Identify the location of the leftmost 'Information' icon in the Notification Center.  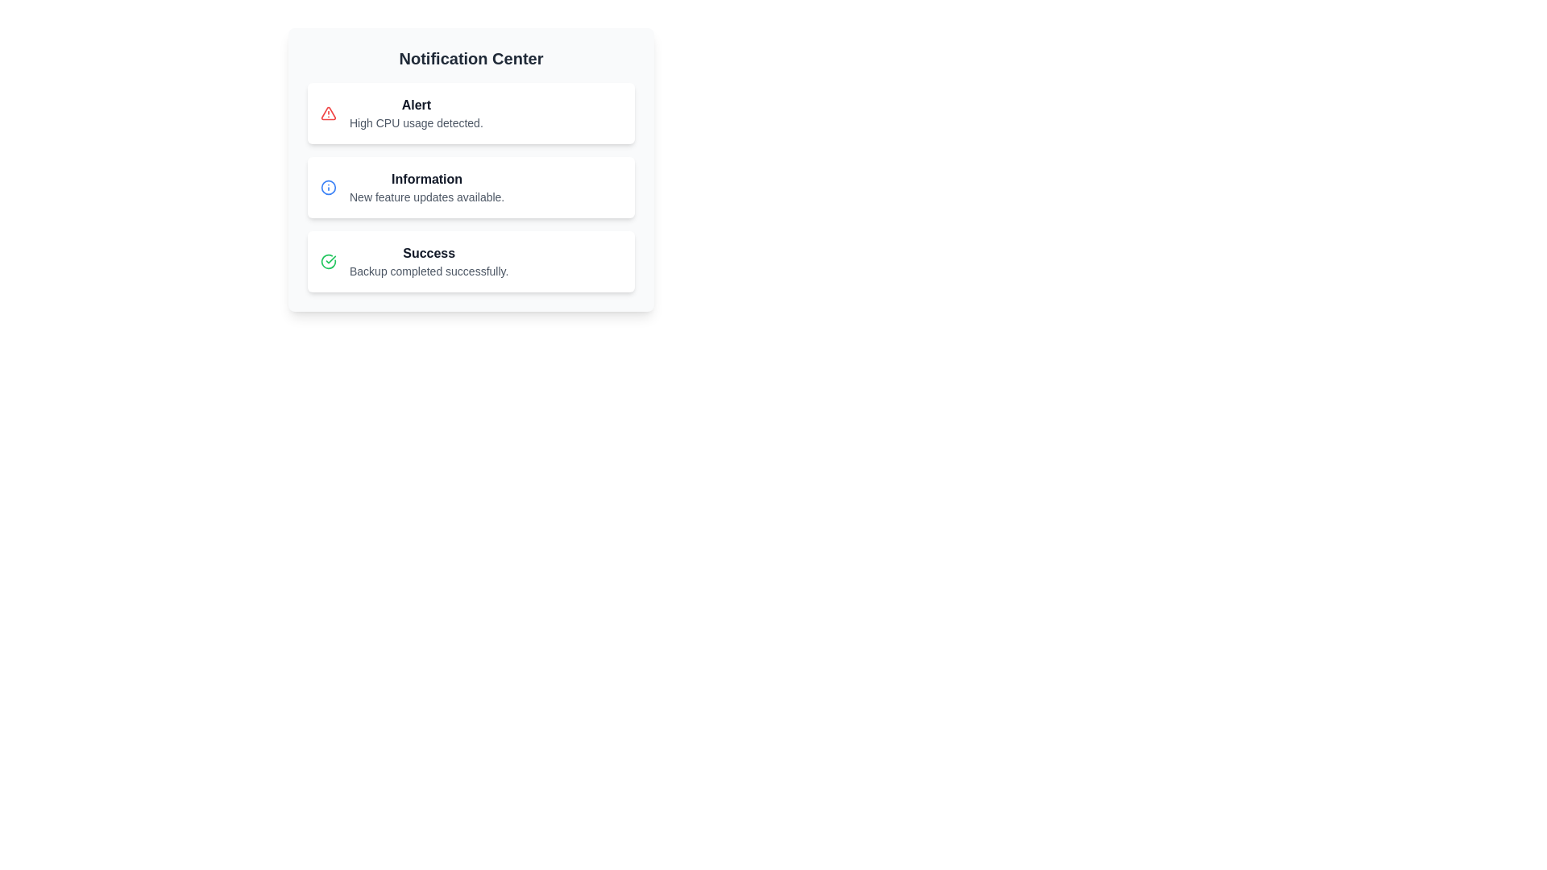
(328, 186).